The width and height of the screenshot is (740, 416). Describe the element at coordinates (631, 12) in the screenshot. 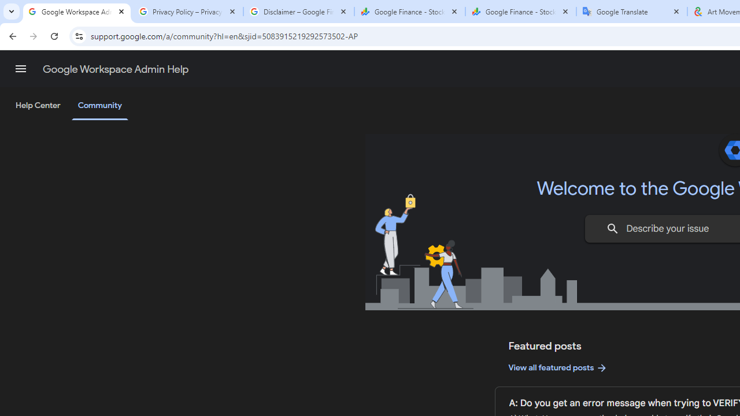

I see `'Google Translate'` at that location.